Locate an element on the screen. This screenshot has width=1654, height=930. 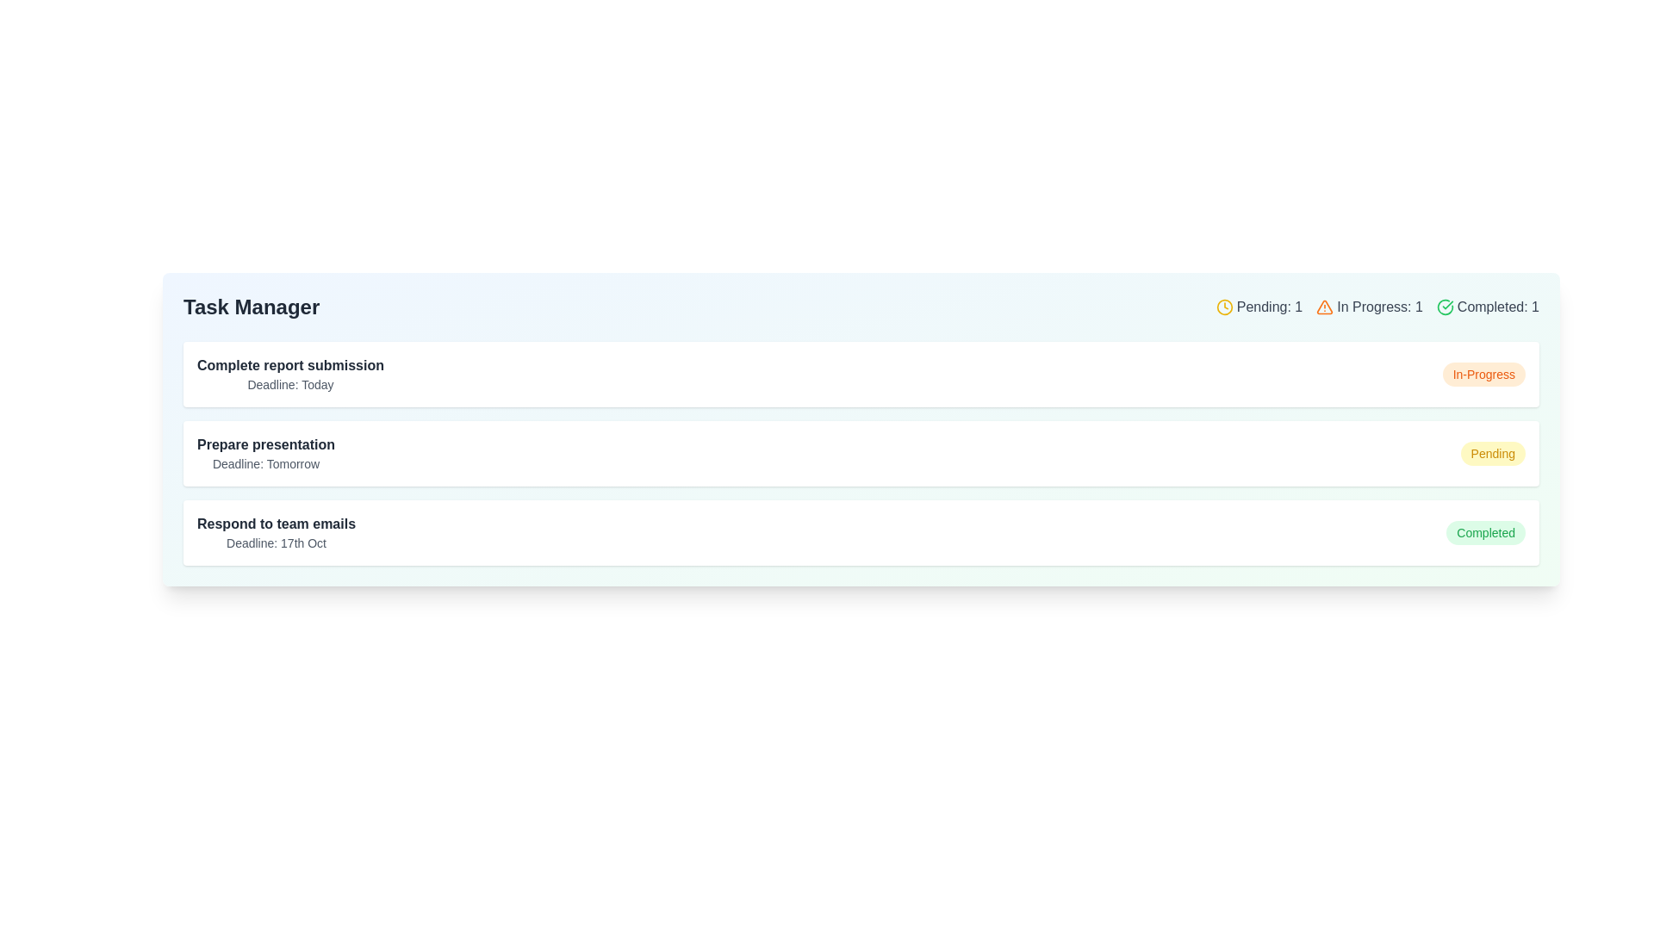
the informational text label indicating that there is one task currently in progress, located in the top-right area of the interface adjacent to status indicators is located at coordinates (1380, 307).